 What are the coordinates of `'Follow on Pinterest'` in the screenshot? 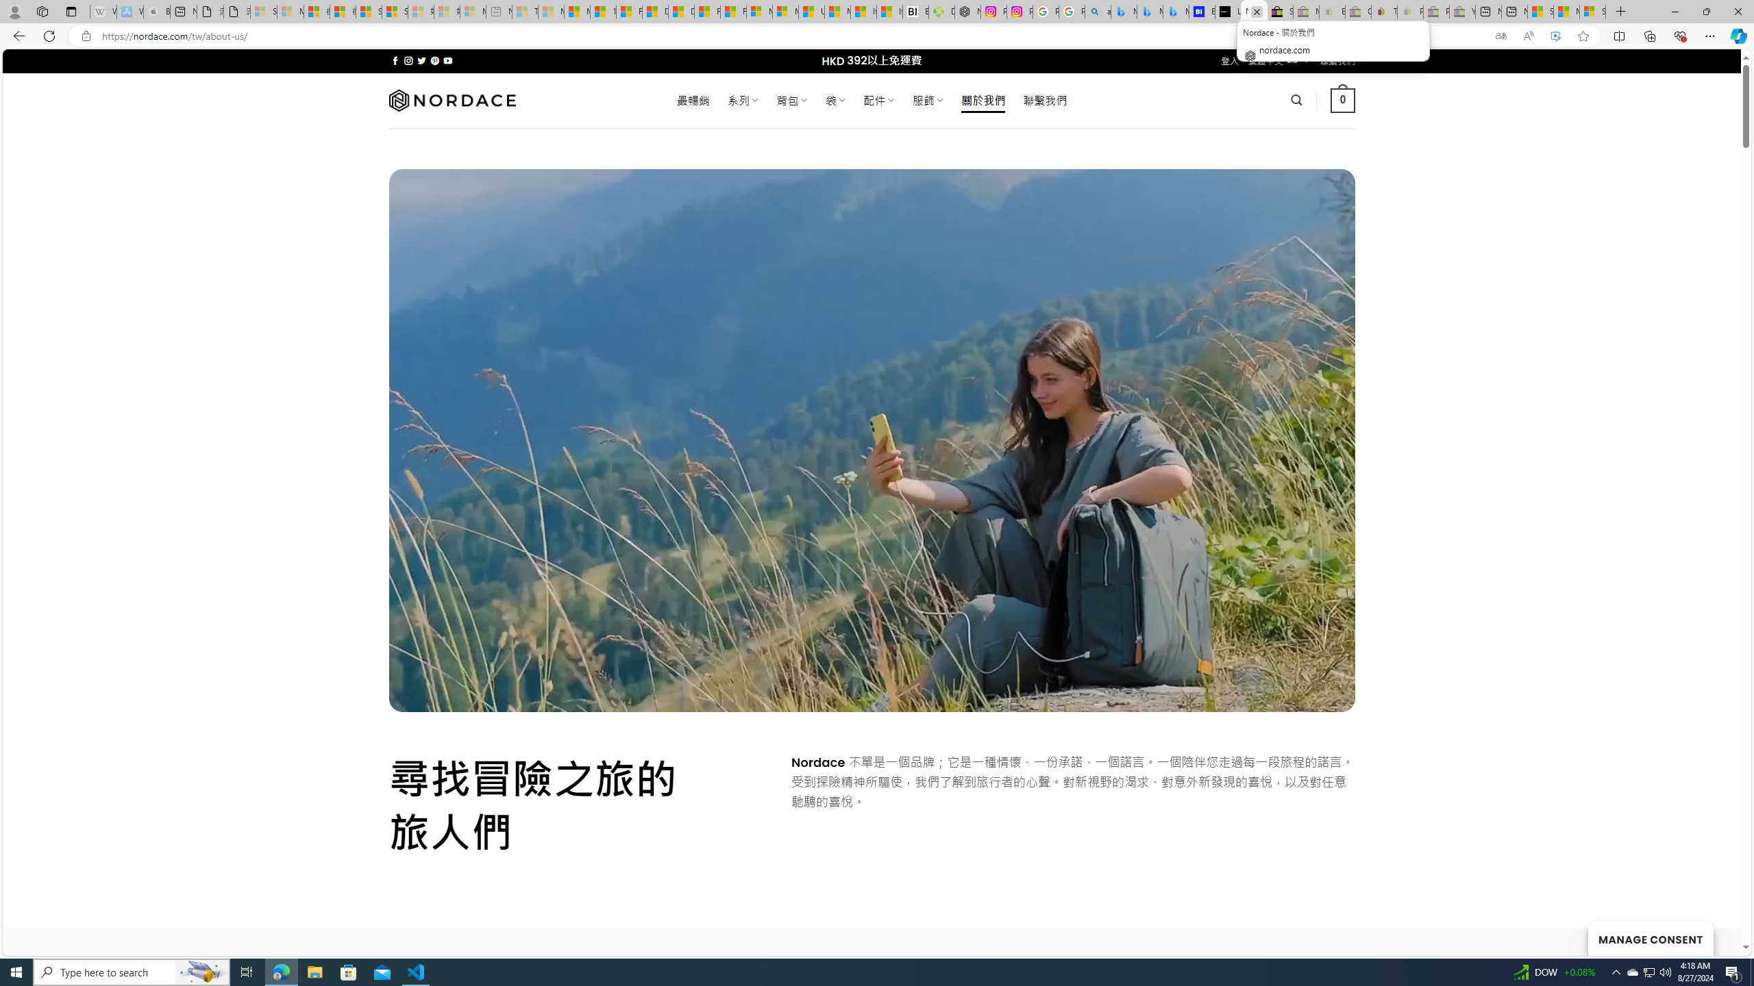 It's located at (433, 60).